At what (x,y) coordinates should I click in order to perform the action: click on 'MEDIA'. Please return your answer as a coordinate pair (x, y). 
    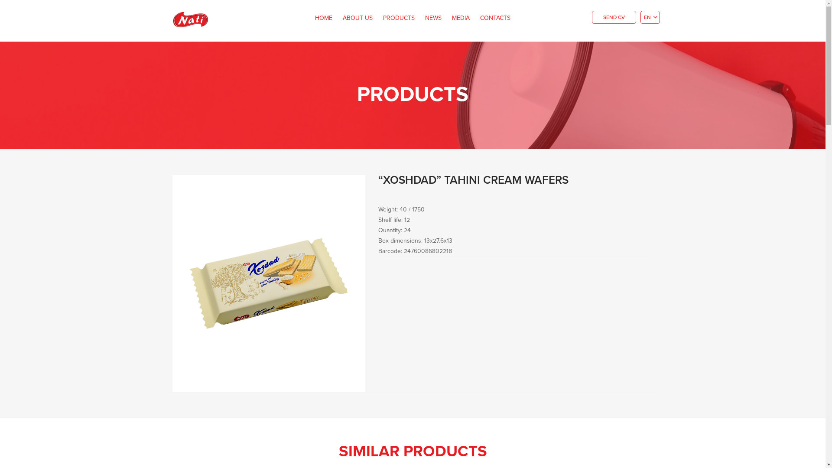
    Looking at the image, I should click on (447, 18).